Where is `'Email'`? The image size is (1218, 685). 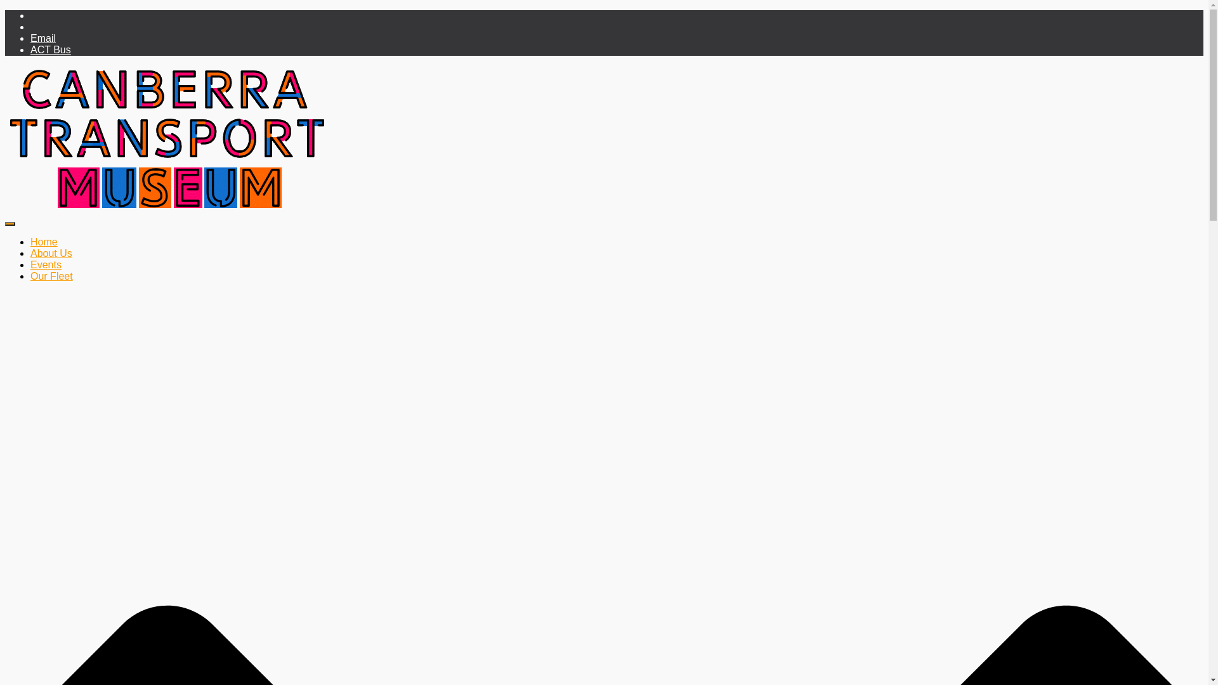
'Email' is located at coordinates (43, 37).